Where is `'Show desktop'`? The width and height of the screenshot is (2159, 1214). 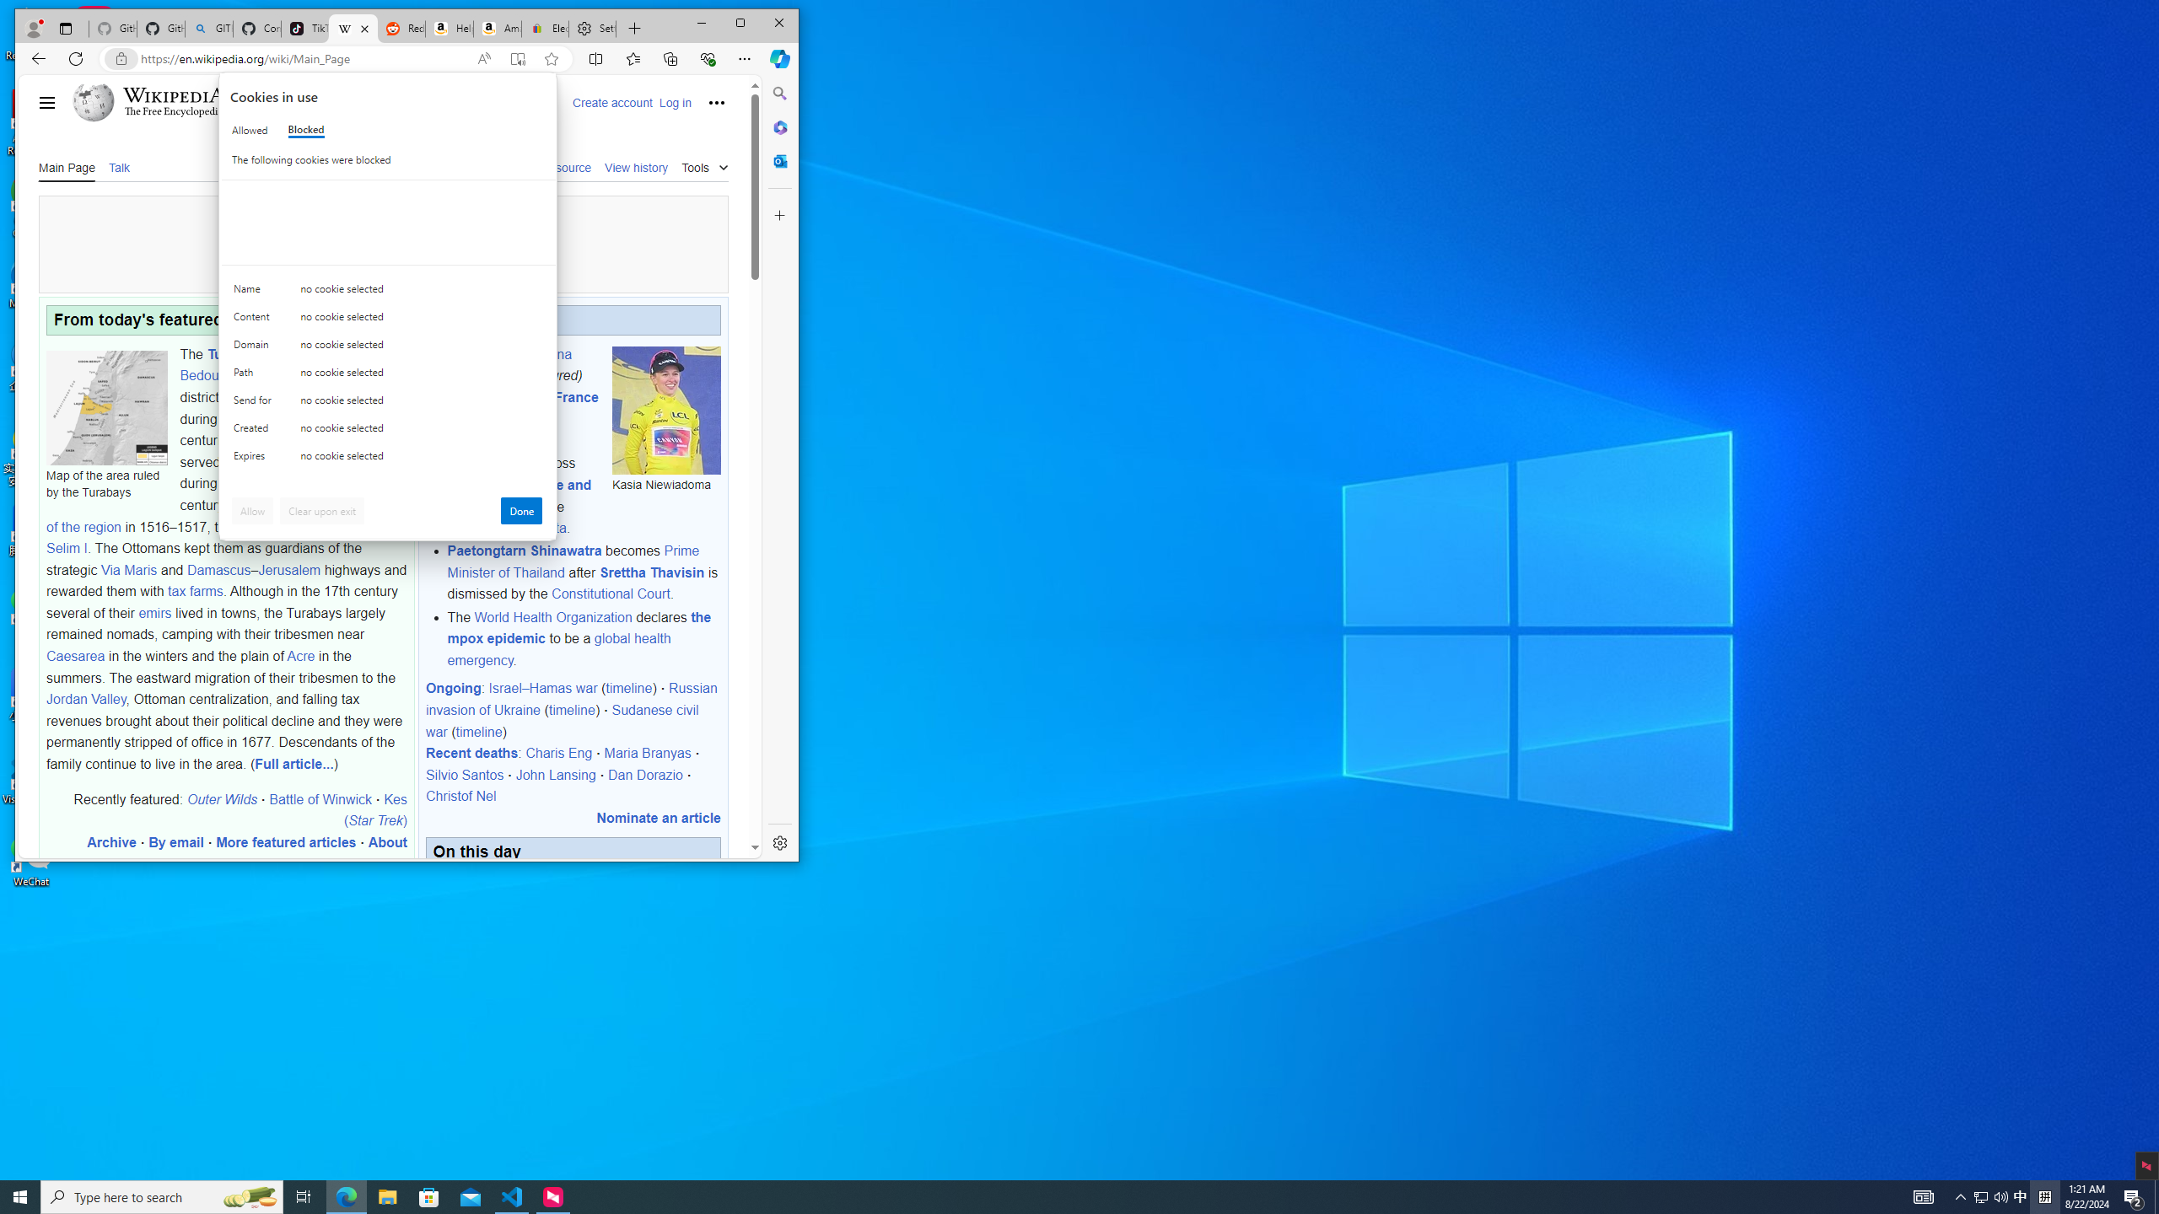
'Show desktop' is located at coordinates (2156, 1195).